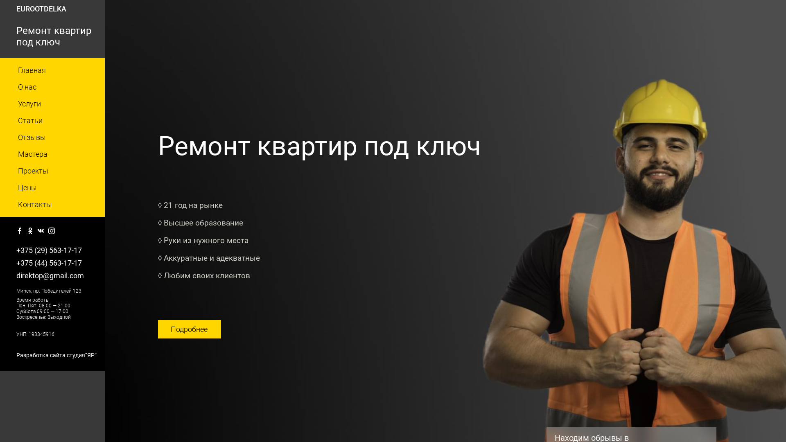  What do you see at coordinates (57, 263) in the screenshot?
I see `'+375 (44) 563-17-17'` at bounding box center [57, 263].